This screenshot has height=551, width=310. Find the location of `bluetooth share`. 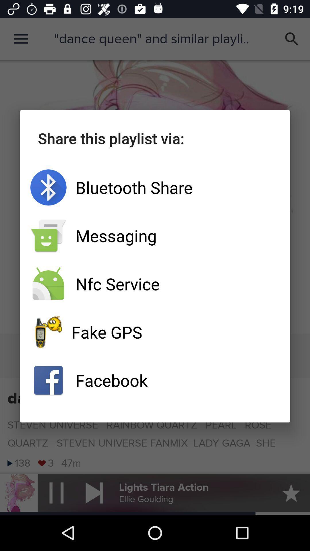

bluetooth share is located at coordinates (155, 187).